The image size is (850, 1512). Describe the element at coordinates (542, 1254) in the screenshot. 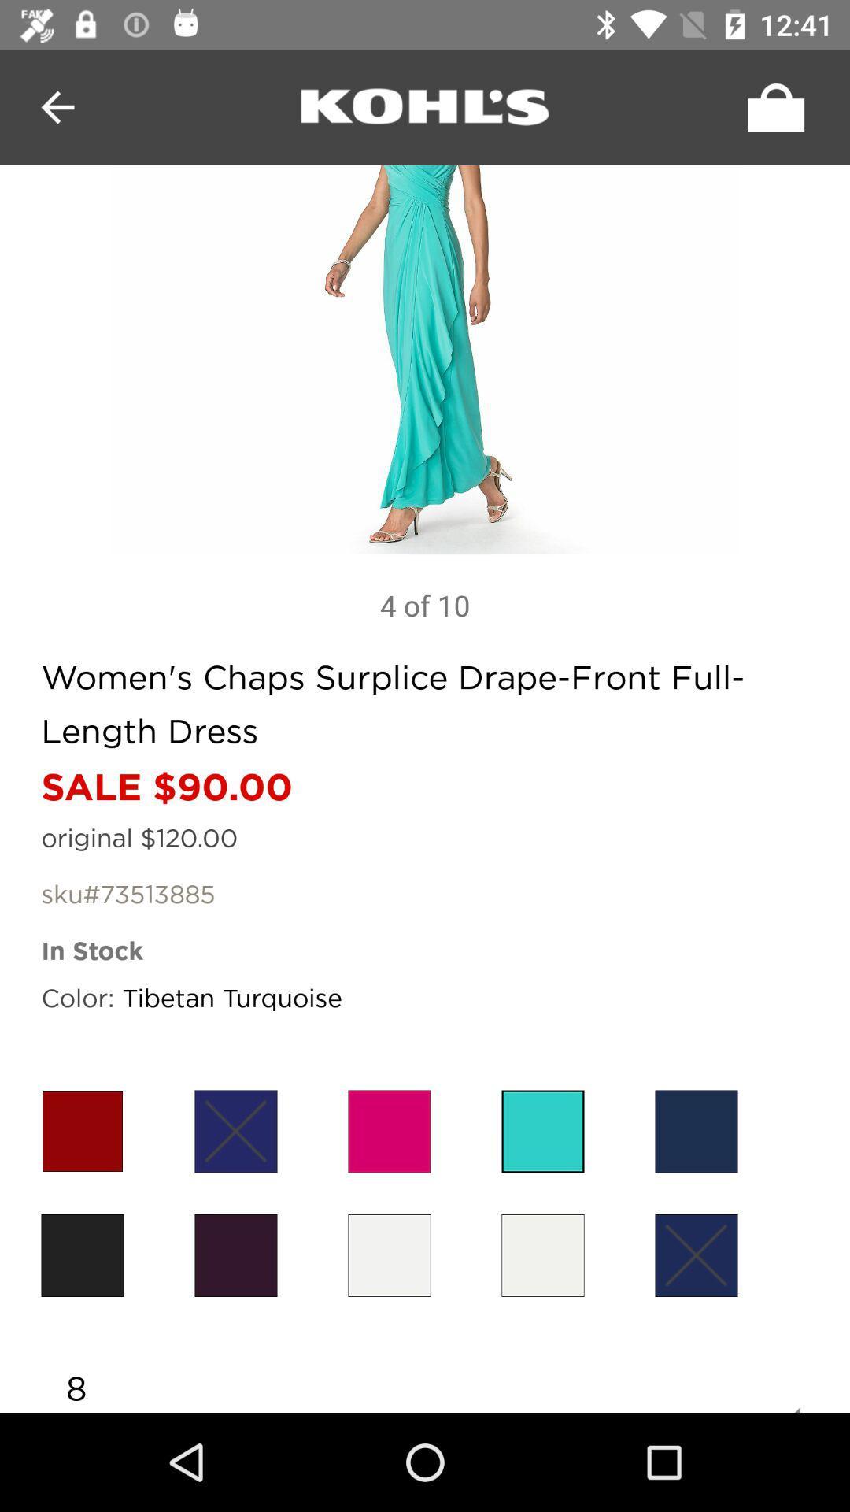

I see `item above 8 icon` at that location.